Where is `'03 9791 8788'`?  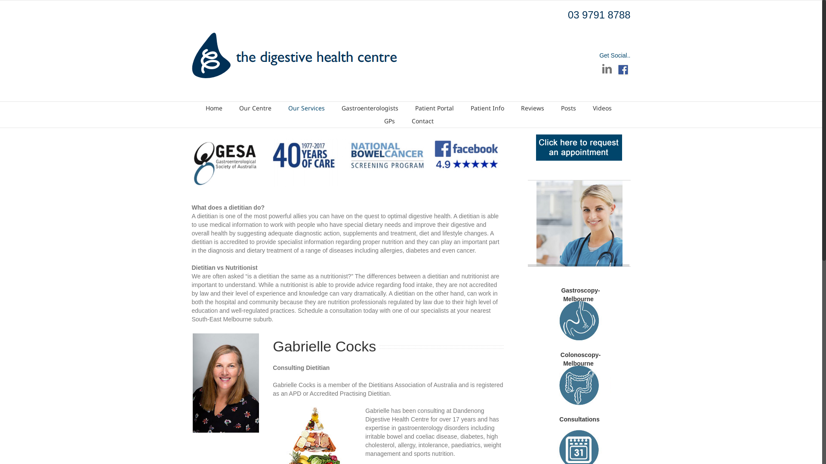 '03 9791 8788' is located at coordinates (568, 15).